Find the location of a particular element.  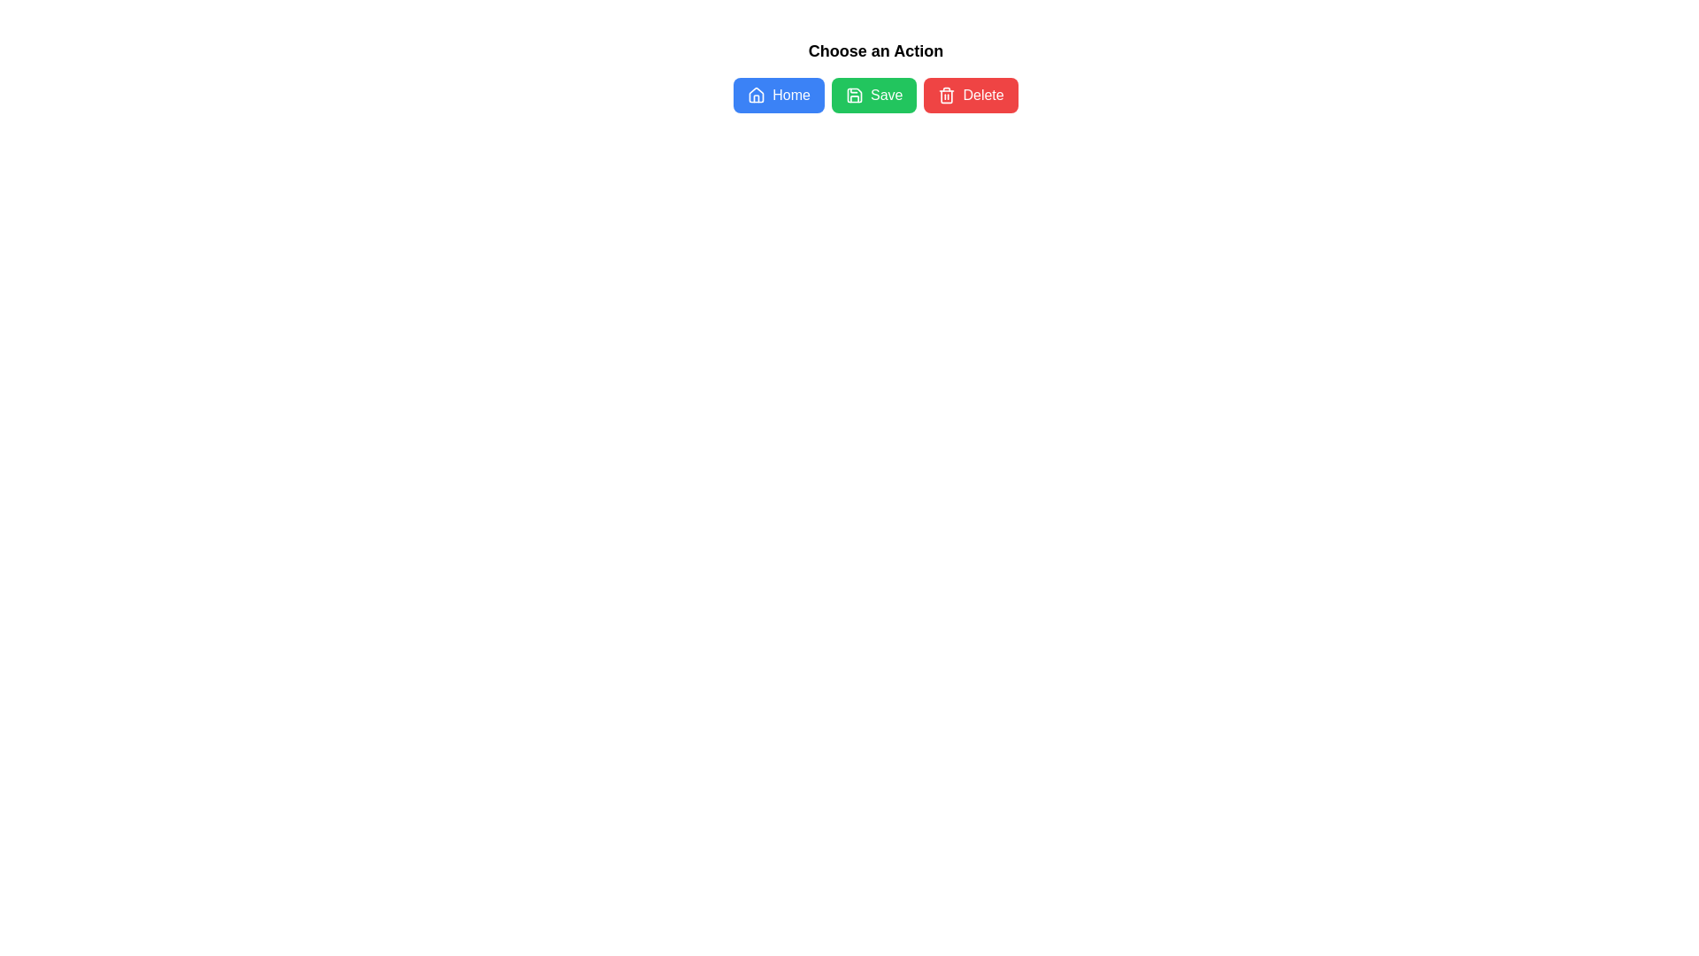

the 'Home' icon located in the first button of a row of three, positioned to the left of the text 'Home', to possibly see a tooltip or effect is located at coordinates (757, 96).